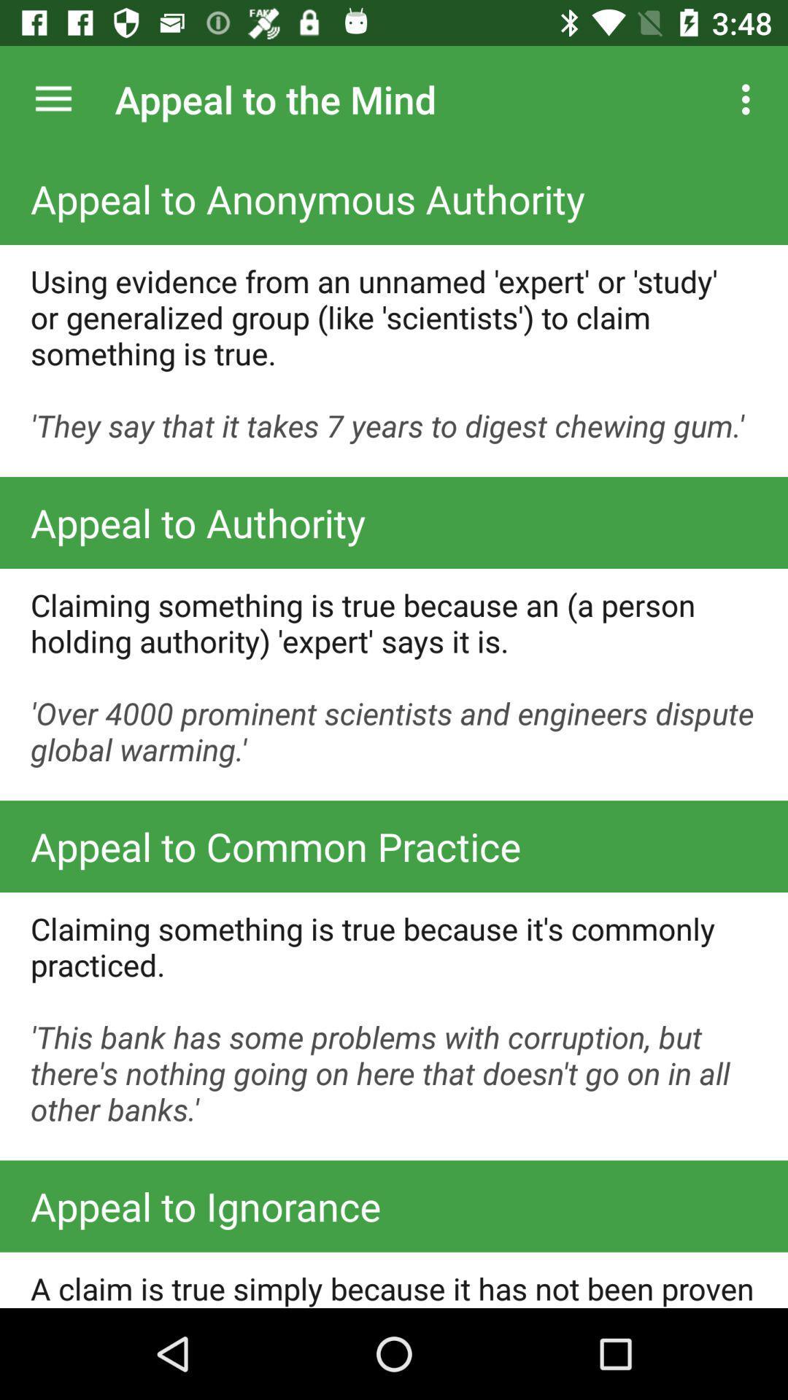 The height and width of the screenshot is (1400, 788). I want to click on the item next to the appeal to the icon, so click(749, 98).